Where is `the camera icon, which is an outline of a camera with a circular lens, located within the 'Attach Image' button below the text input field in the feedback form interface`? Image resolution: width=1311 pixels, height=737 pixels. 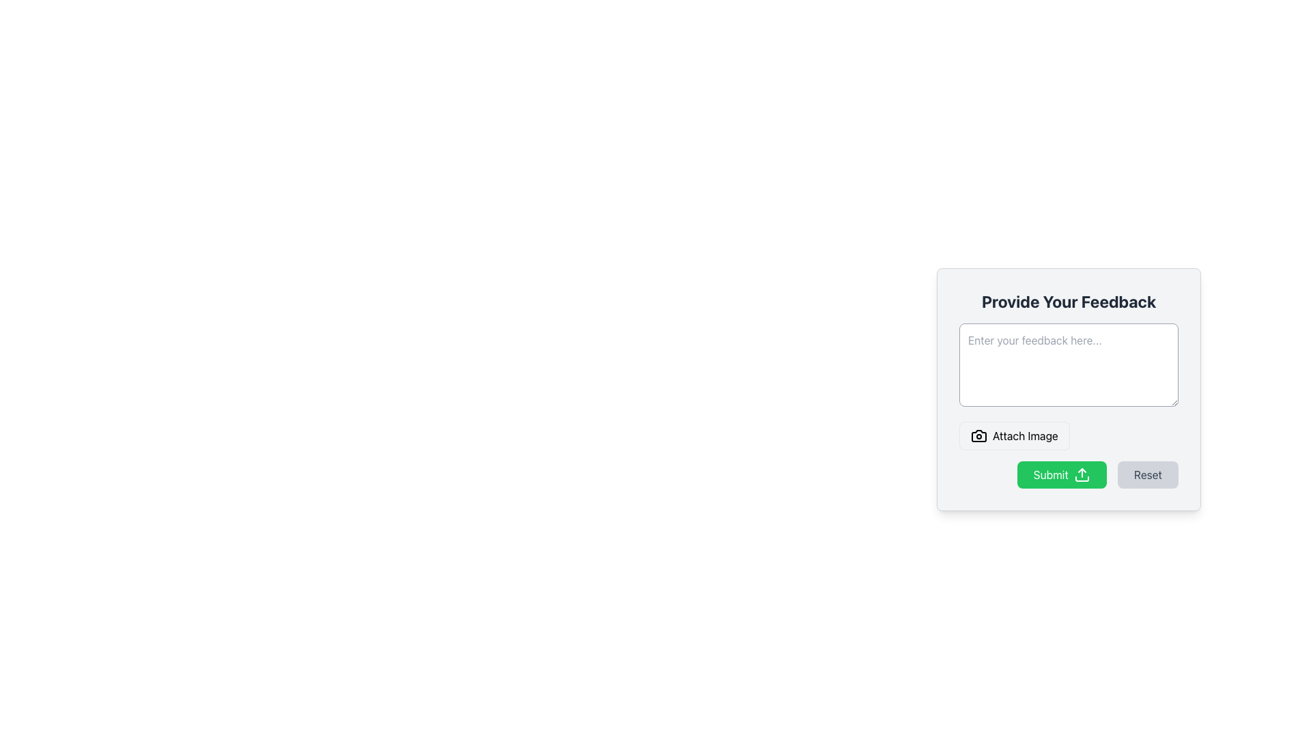 the camera icon, which is an outline of a camera with a circular lens, located within the 'Attach Image' button below the text input field in the feedback form interface is located at coordinates (978, 436).